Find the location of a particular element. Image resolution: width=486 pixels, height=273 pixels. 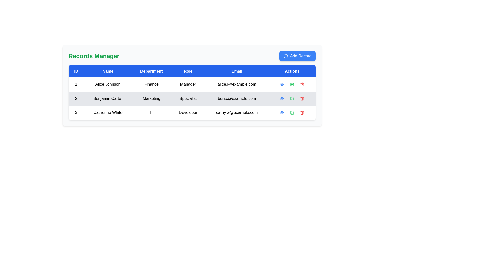

the blue button labeled 'Add Record' with a plus sign icon to initiate adding a record is located at coordinates (297, 56).